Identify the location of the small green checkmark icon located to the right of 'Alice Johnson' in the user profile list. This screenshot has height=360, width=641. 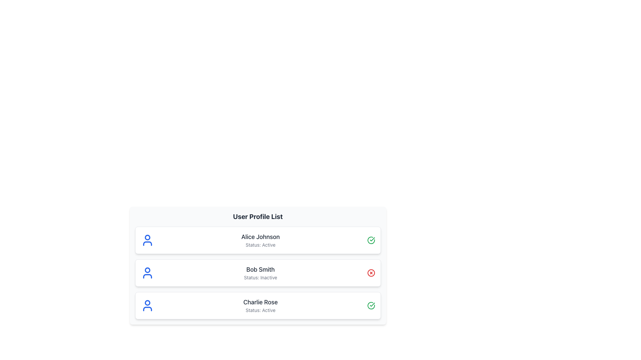
(372, 305).